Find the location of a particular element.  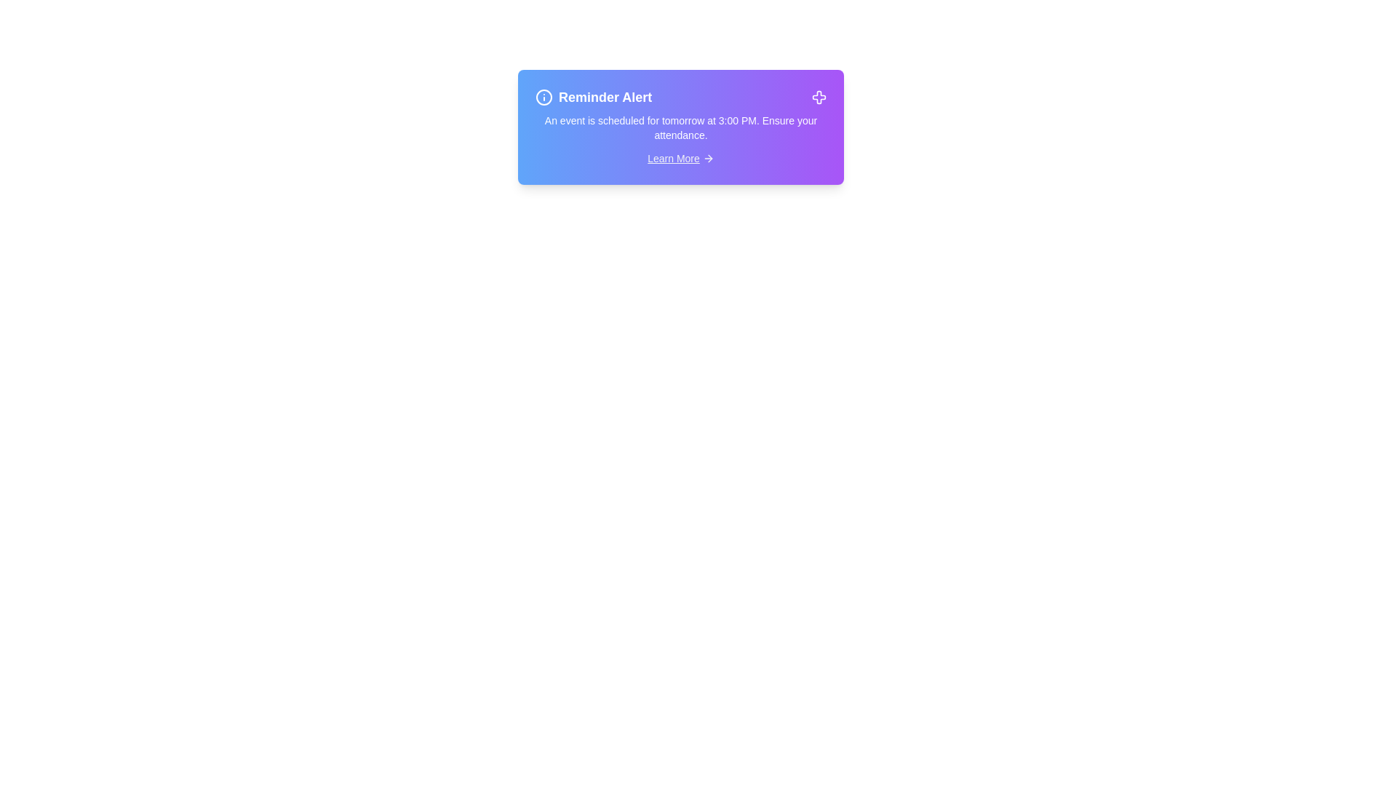

the close button in the top-right corner of the alert to dismiss it is located at coordinates (819, 98).